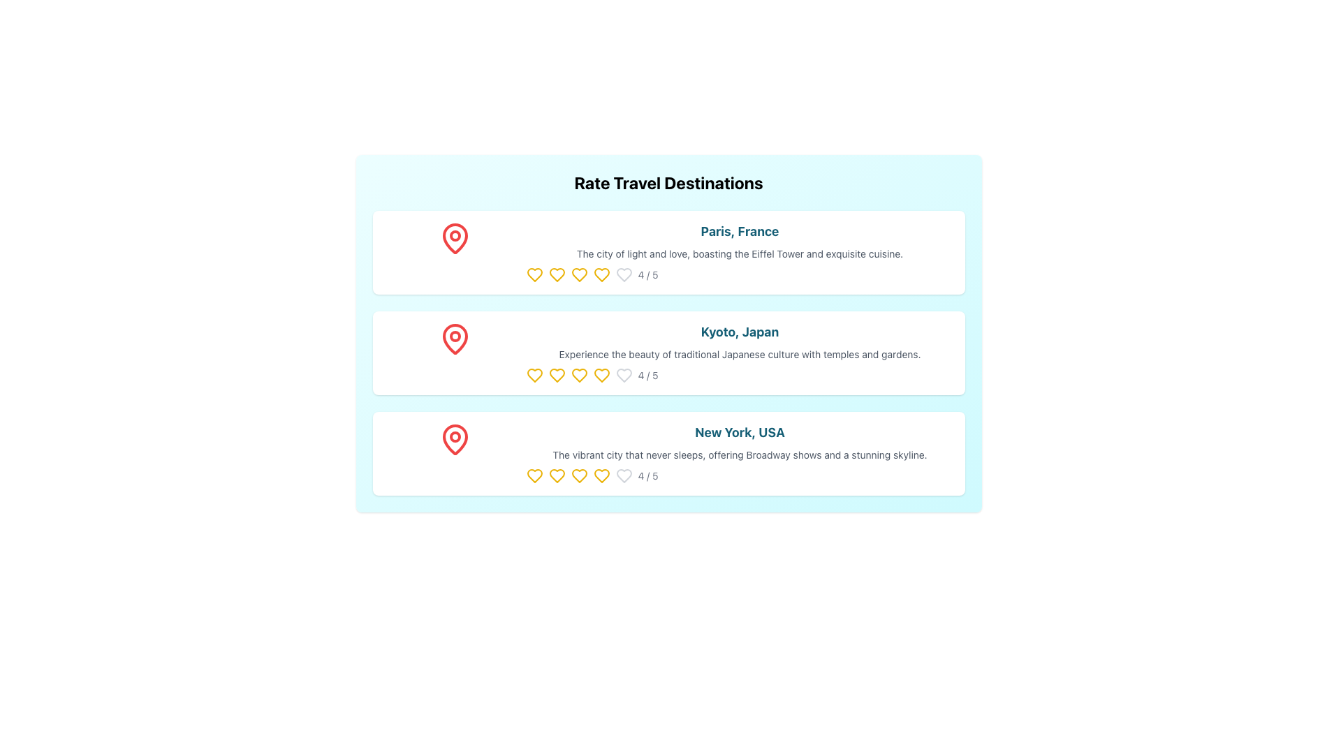  What do you see at coordinates (455, 238) in the screenshot?
I see `the location marker icon for the travel destination, which is the first pin in a vertical list aligned to the left of the text blocks about travel destinations` at bounding box center [455, 238].